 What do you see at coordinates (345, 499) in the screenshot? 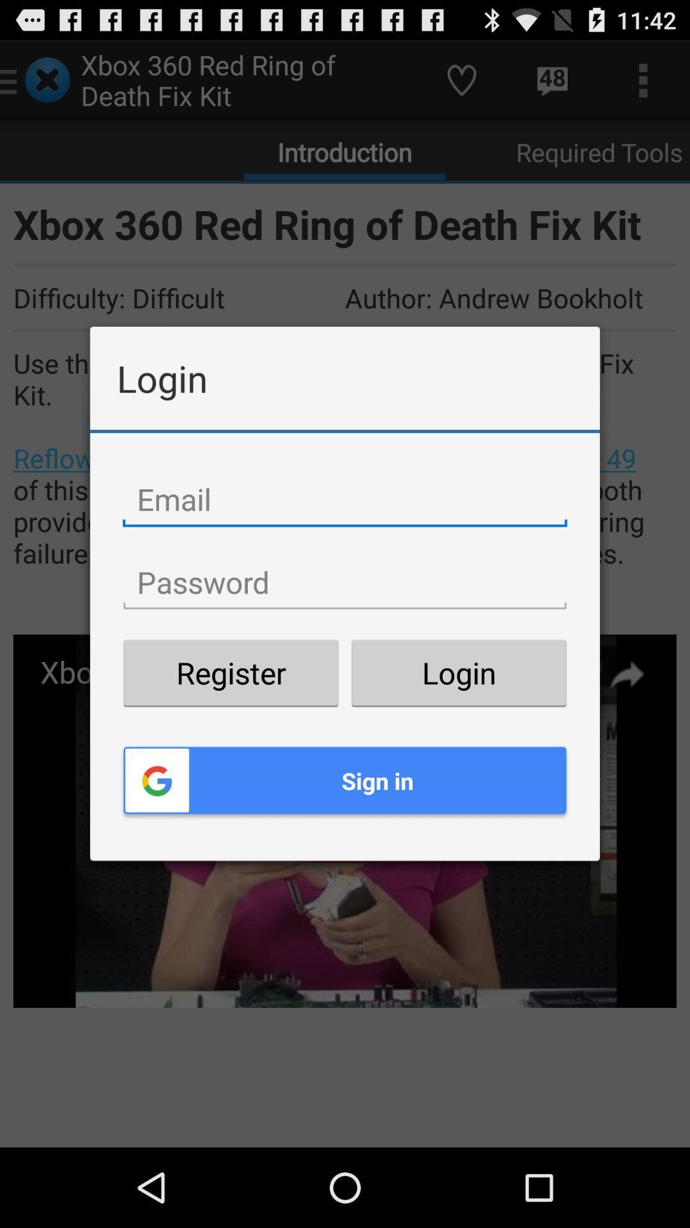
I see `login email` at bounding box center [345, 499].